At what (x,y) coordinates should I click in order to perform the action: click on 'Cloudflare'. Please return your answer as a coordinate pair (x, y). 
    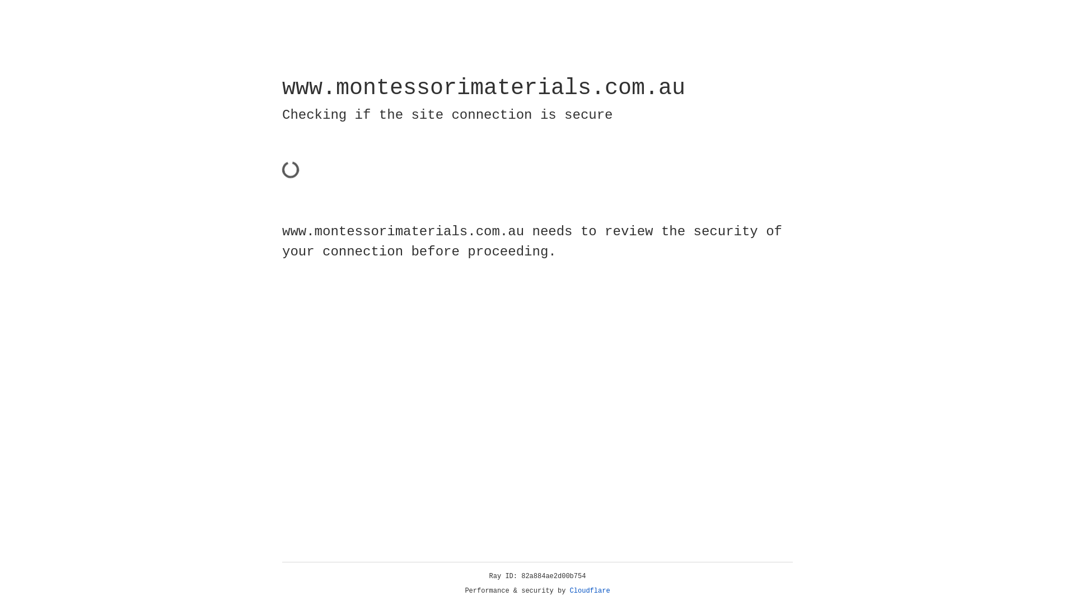
    Looking at the image, I should click on (590, 590).